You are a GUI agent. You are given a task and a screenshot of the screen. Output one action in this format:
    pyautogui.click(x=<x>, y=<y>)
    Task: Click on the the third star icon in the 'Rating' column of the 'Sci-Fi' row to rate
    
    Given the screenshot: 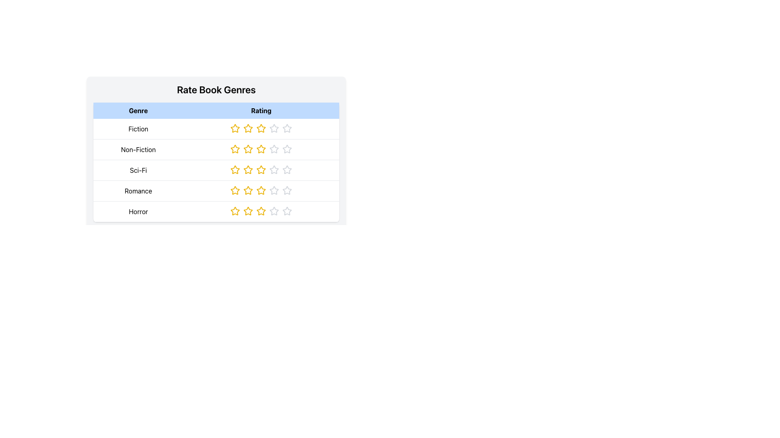 What is the action you would take?
    pyautogui.click(x=261, y=170)
    